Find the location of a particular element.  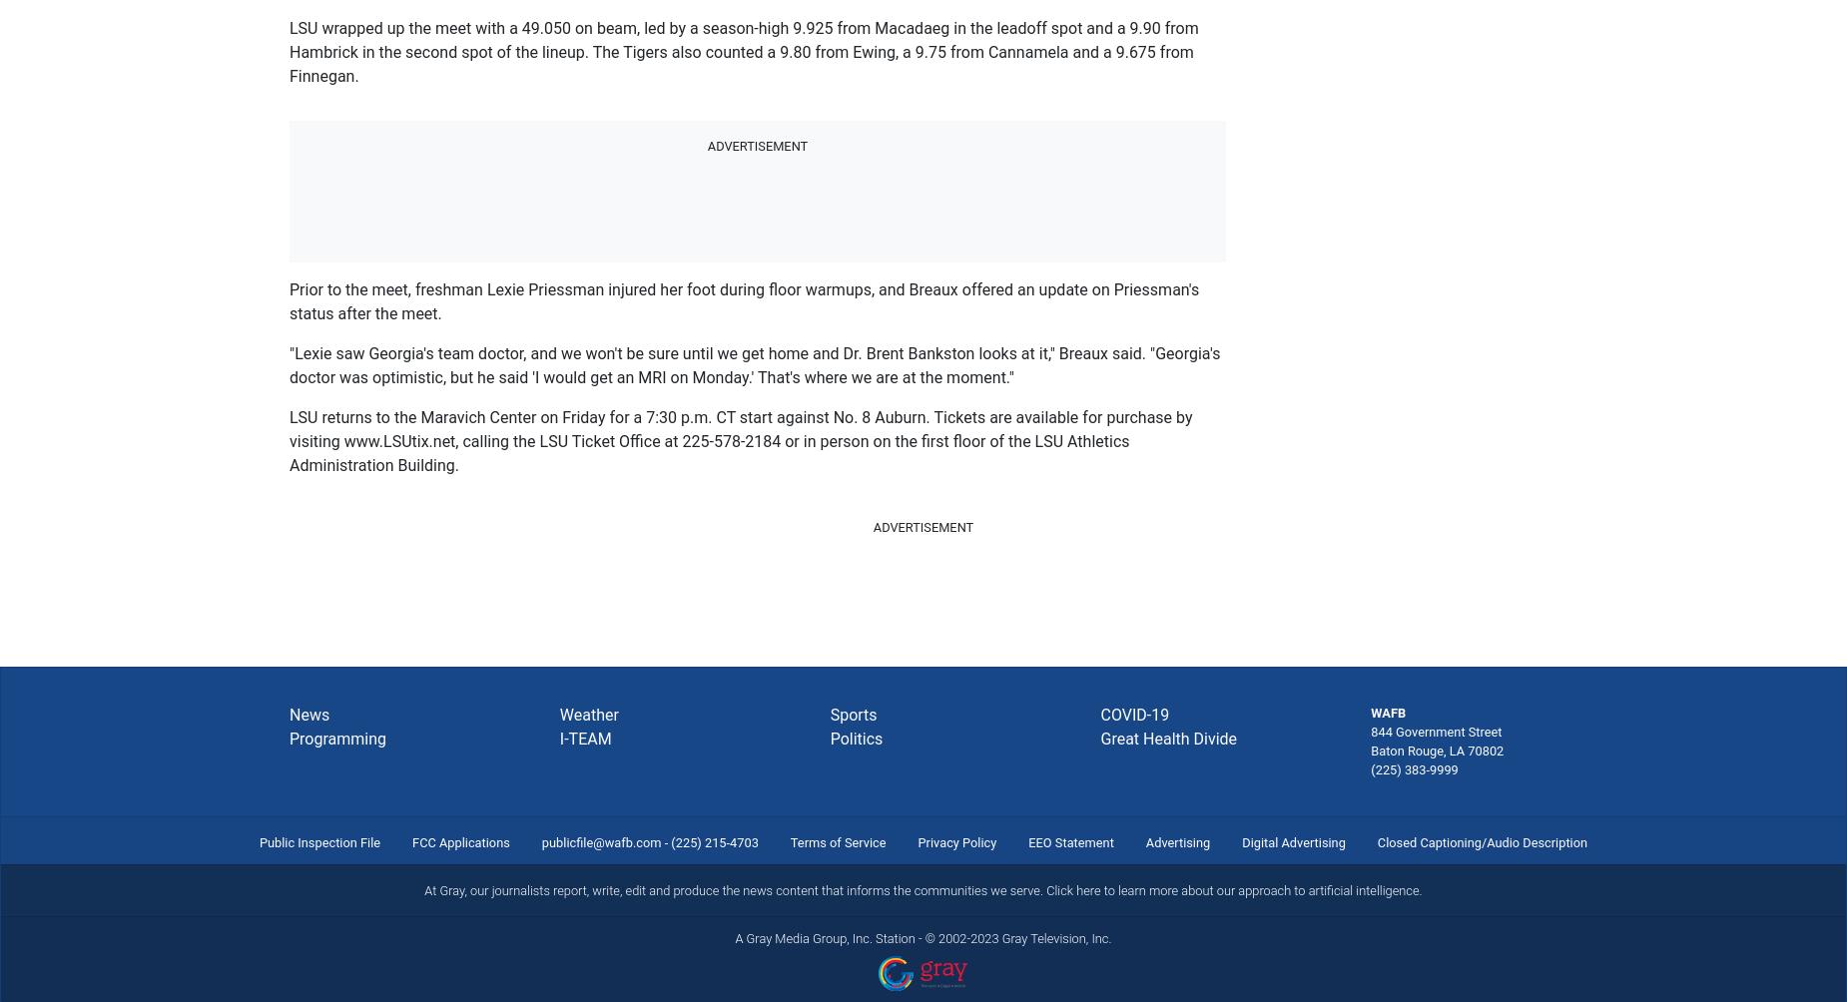

'Baton Rouge, LA 70802' is located at coordinates (1437, 750).